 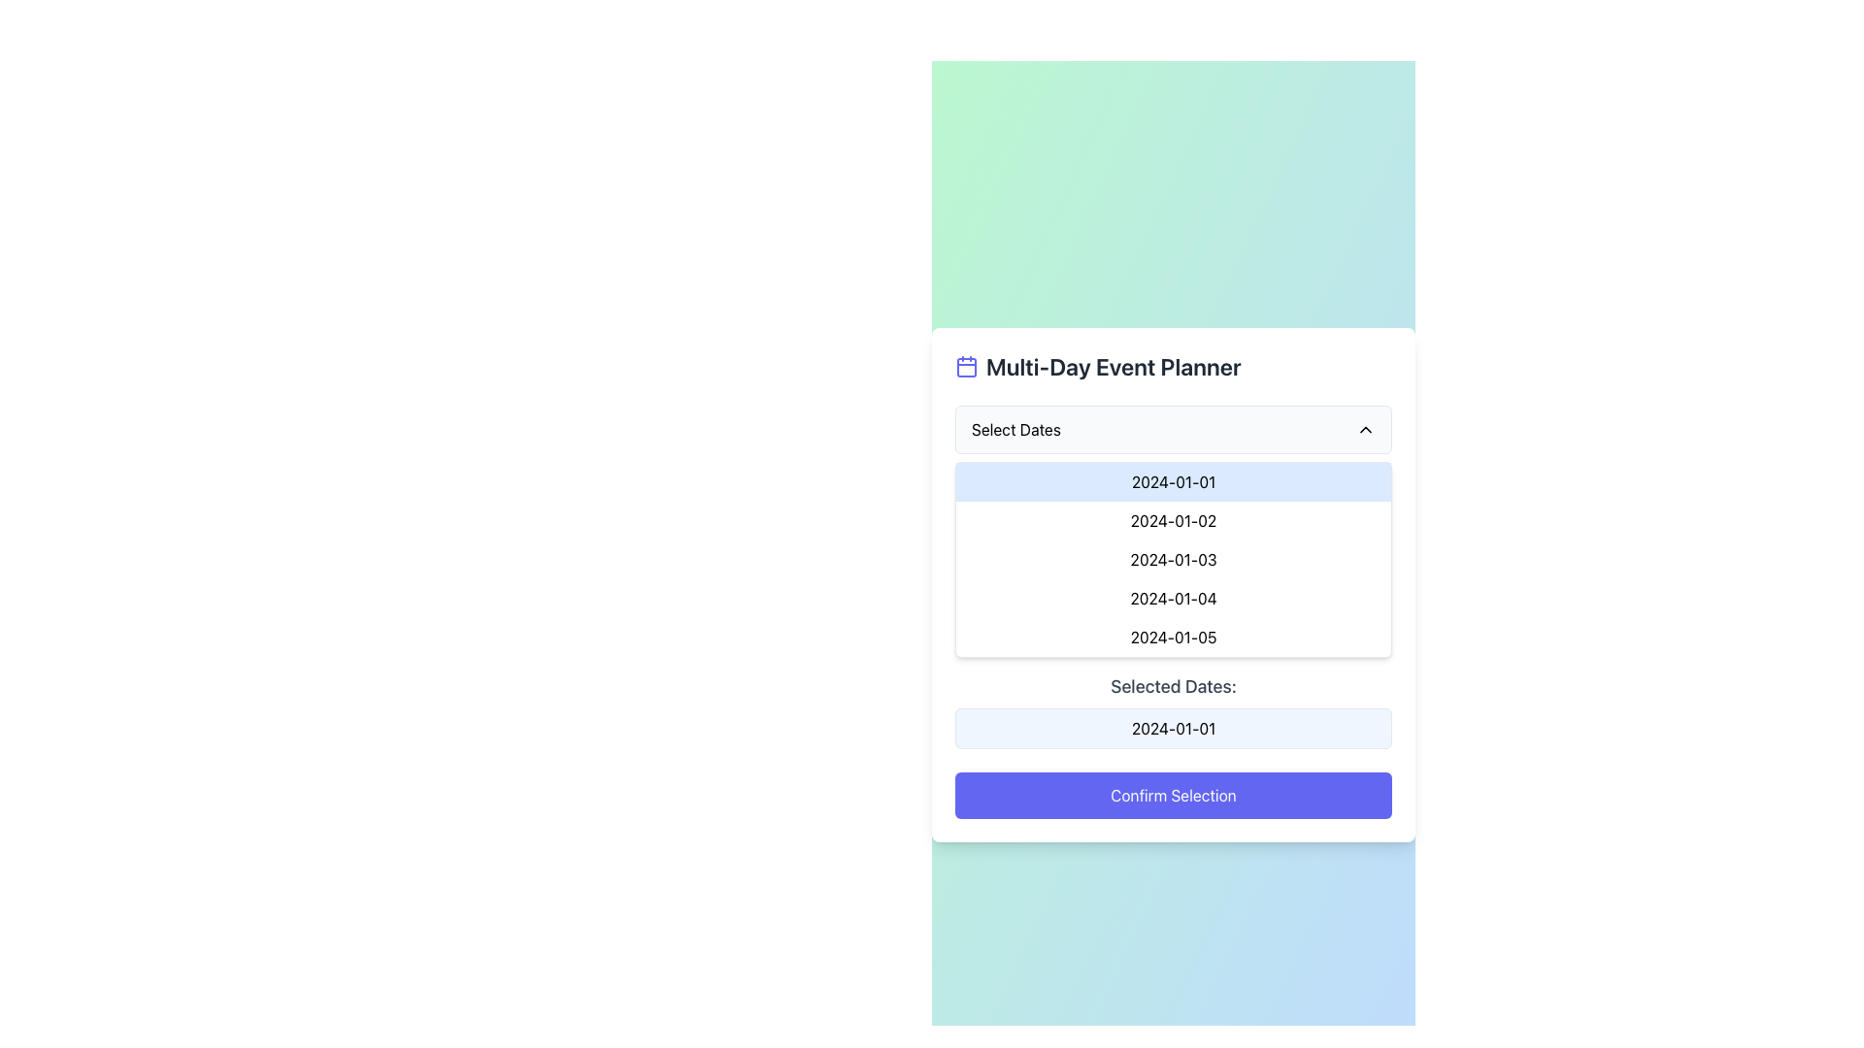 I want to click on the Text Label with Icon that serves as the title of the card layout, located at the top of the card above the 'Select Dates' button, so click(x=1173, y=367).